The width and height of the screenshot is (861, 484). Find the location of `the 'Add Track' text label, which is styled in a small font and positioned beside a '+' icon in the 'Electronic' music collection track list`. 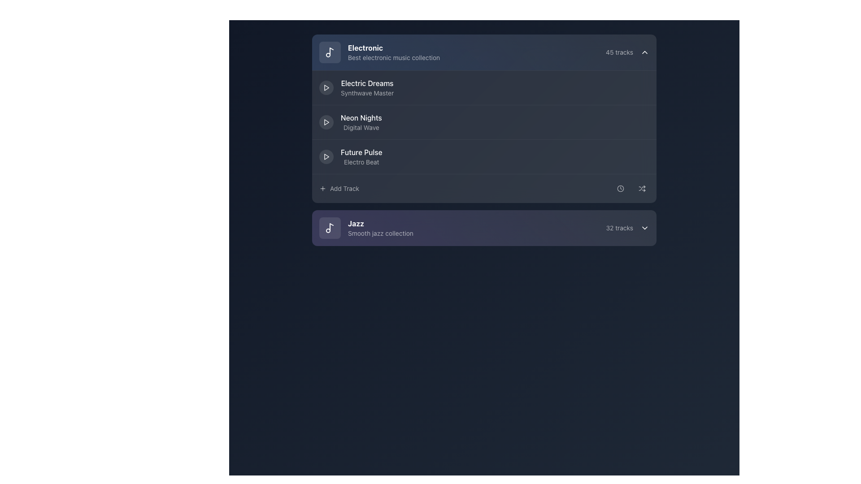

the 'Add Track' text label, which is styled in a small font and positioned beside a '+' icon in the 'Electronic' music collection track list is located at coordinates (344, 188).